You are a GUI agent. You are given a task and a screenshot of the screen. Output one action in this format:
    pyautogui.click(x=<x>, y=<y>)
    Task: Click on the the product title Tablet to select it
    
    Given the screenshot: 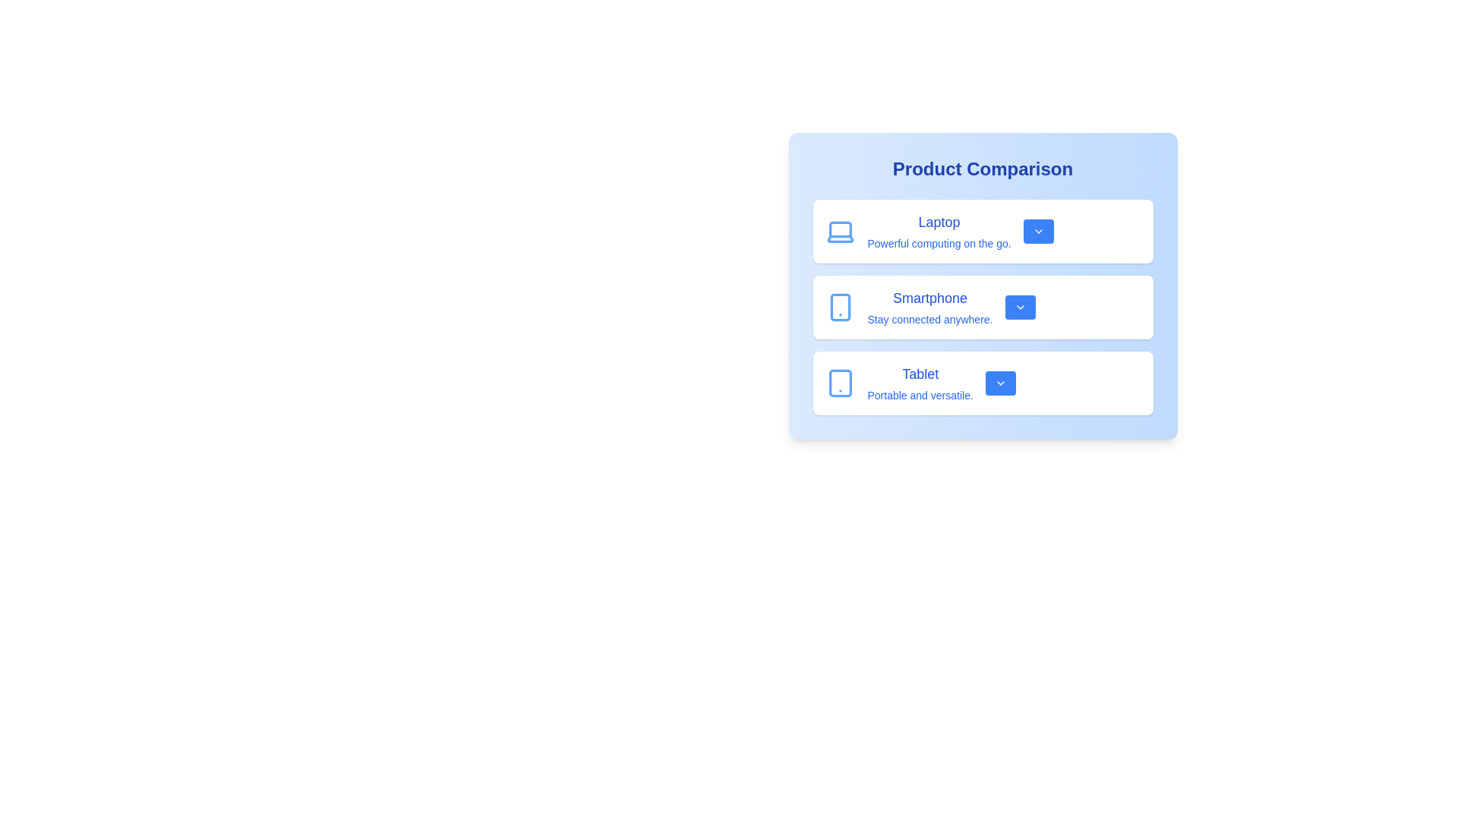 What is the action you would take?
    pyautogui.click(x=920, y=374)
    